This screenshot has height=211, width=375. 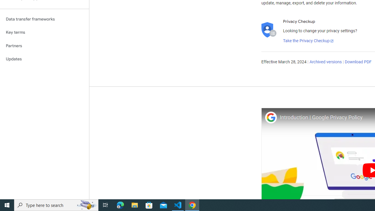 What do you see at coordinates (325, 62) in the screenshot?
I see `'Archived versions'` at bounding box center [325, 62].